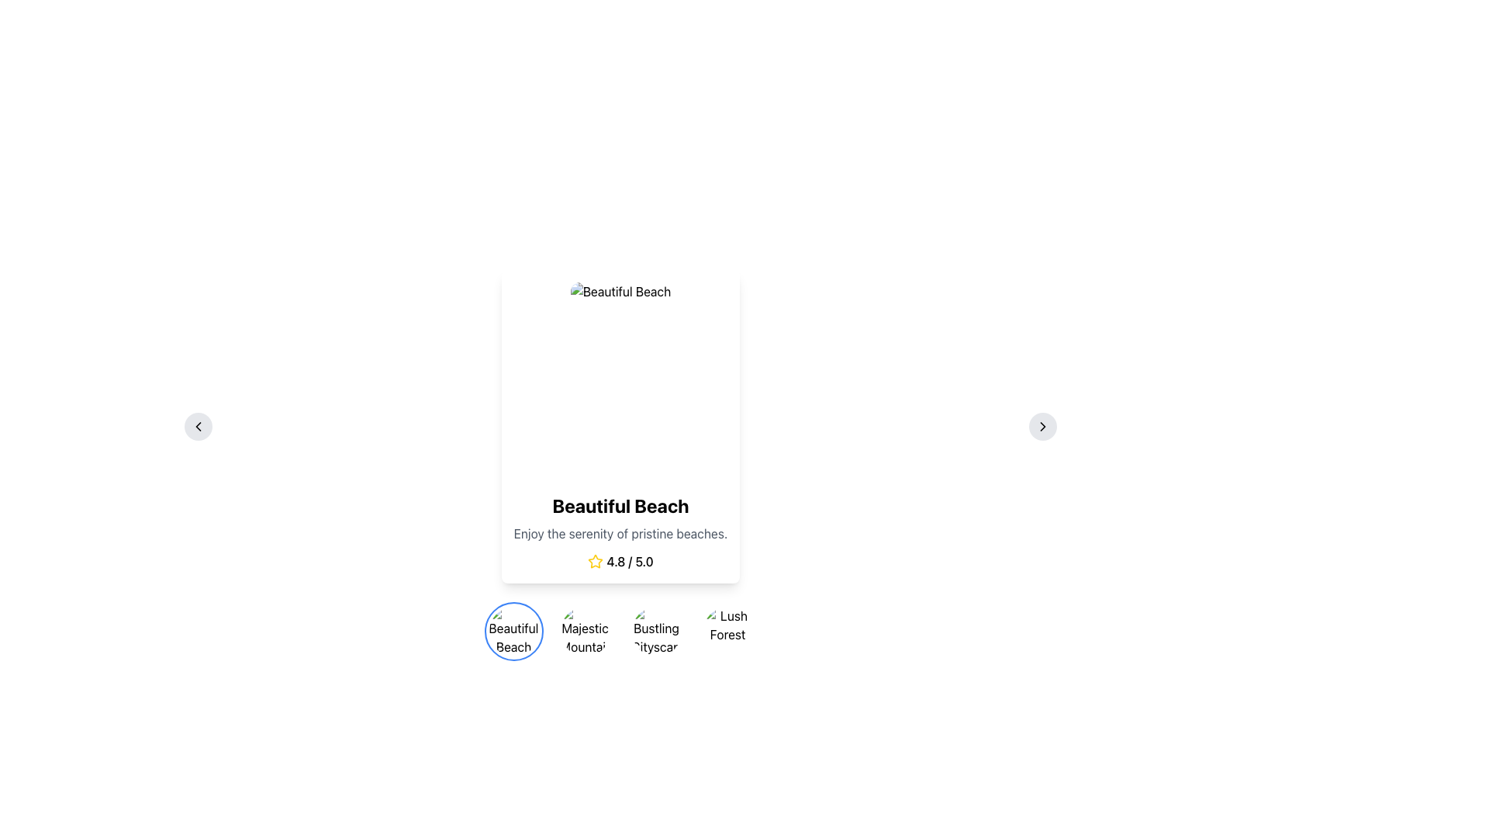 The height and width of the screenshot is (838, 1489). I want to click on the leftward-pointing chevron arrow icon, so click(197, 427).